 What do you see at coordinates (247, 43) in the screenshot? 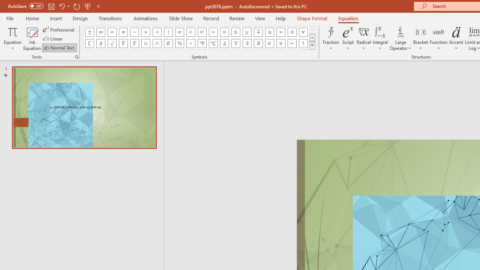
I see `'Equation Symbol There Exists'` at bounding box center [247, 43].